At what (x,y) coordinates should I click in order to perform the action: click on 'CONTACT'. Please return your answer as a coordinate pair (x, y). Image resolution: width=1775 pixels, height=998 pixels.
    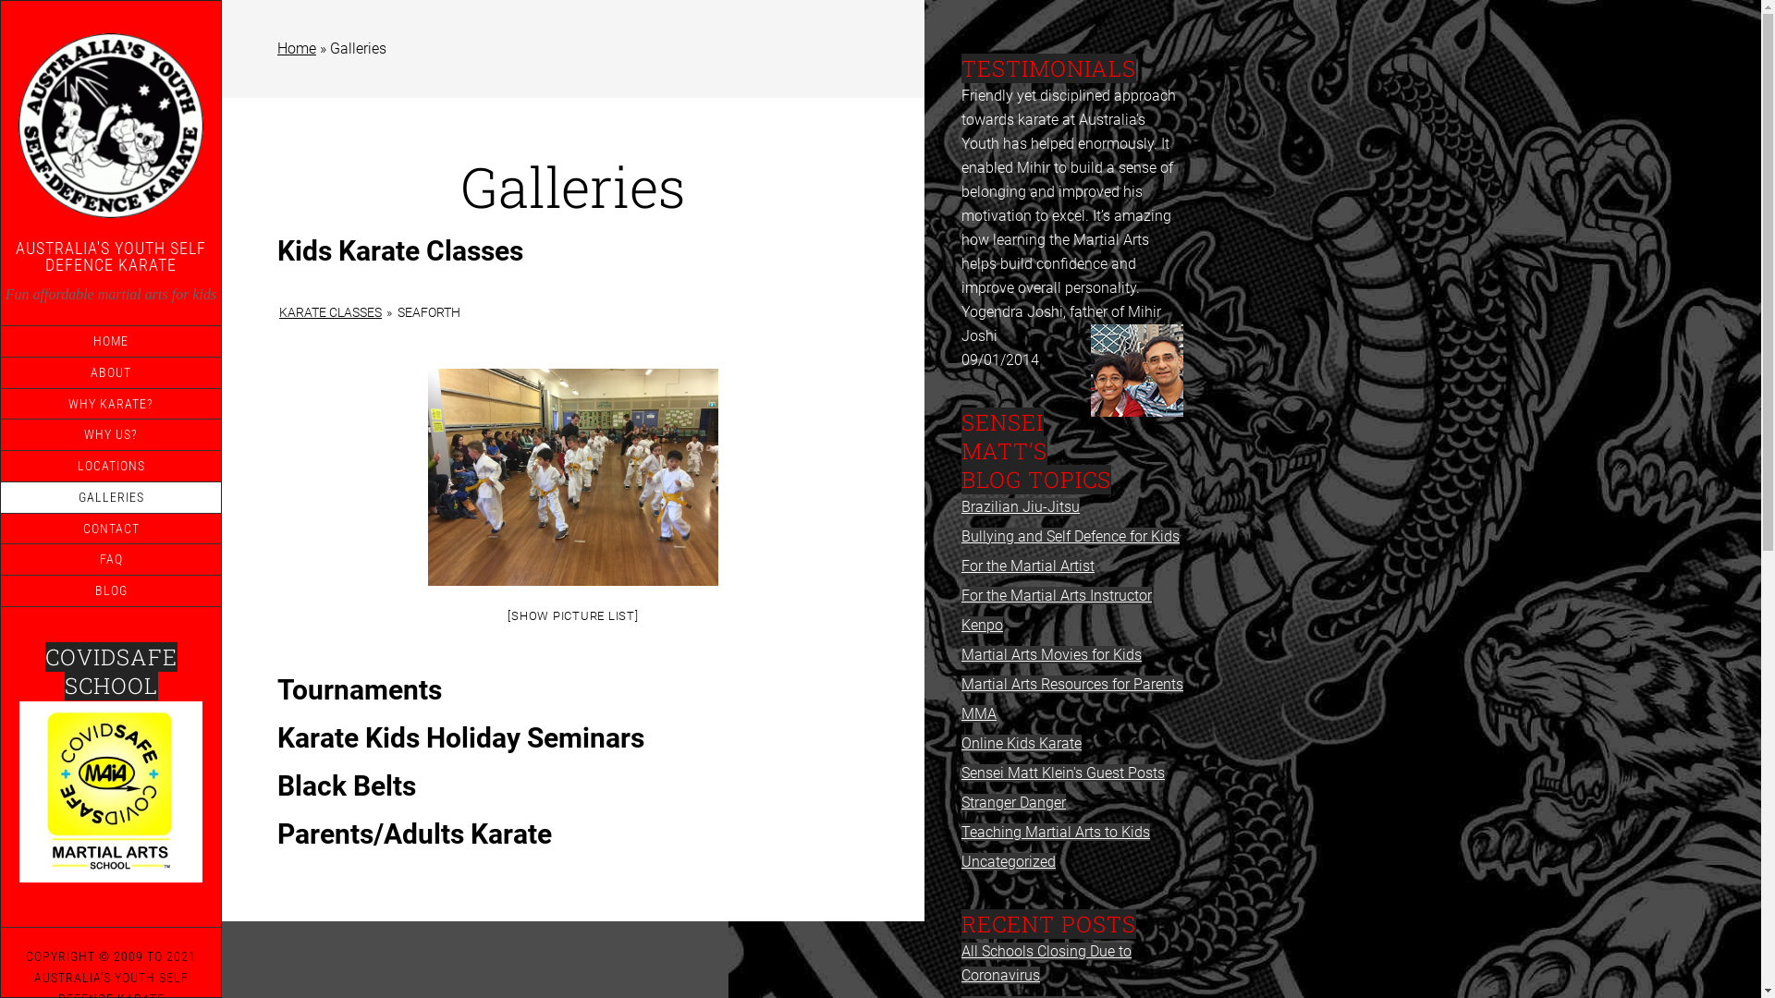
    Looking at the image, I should click on (110, 529).